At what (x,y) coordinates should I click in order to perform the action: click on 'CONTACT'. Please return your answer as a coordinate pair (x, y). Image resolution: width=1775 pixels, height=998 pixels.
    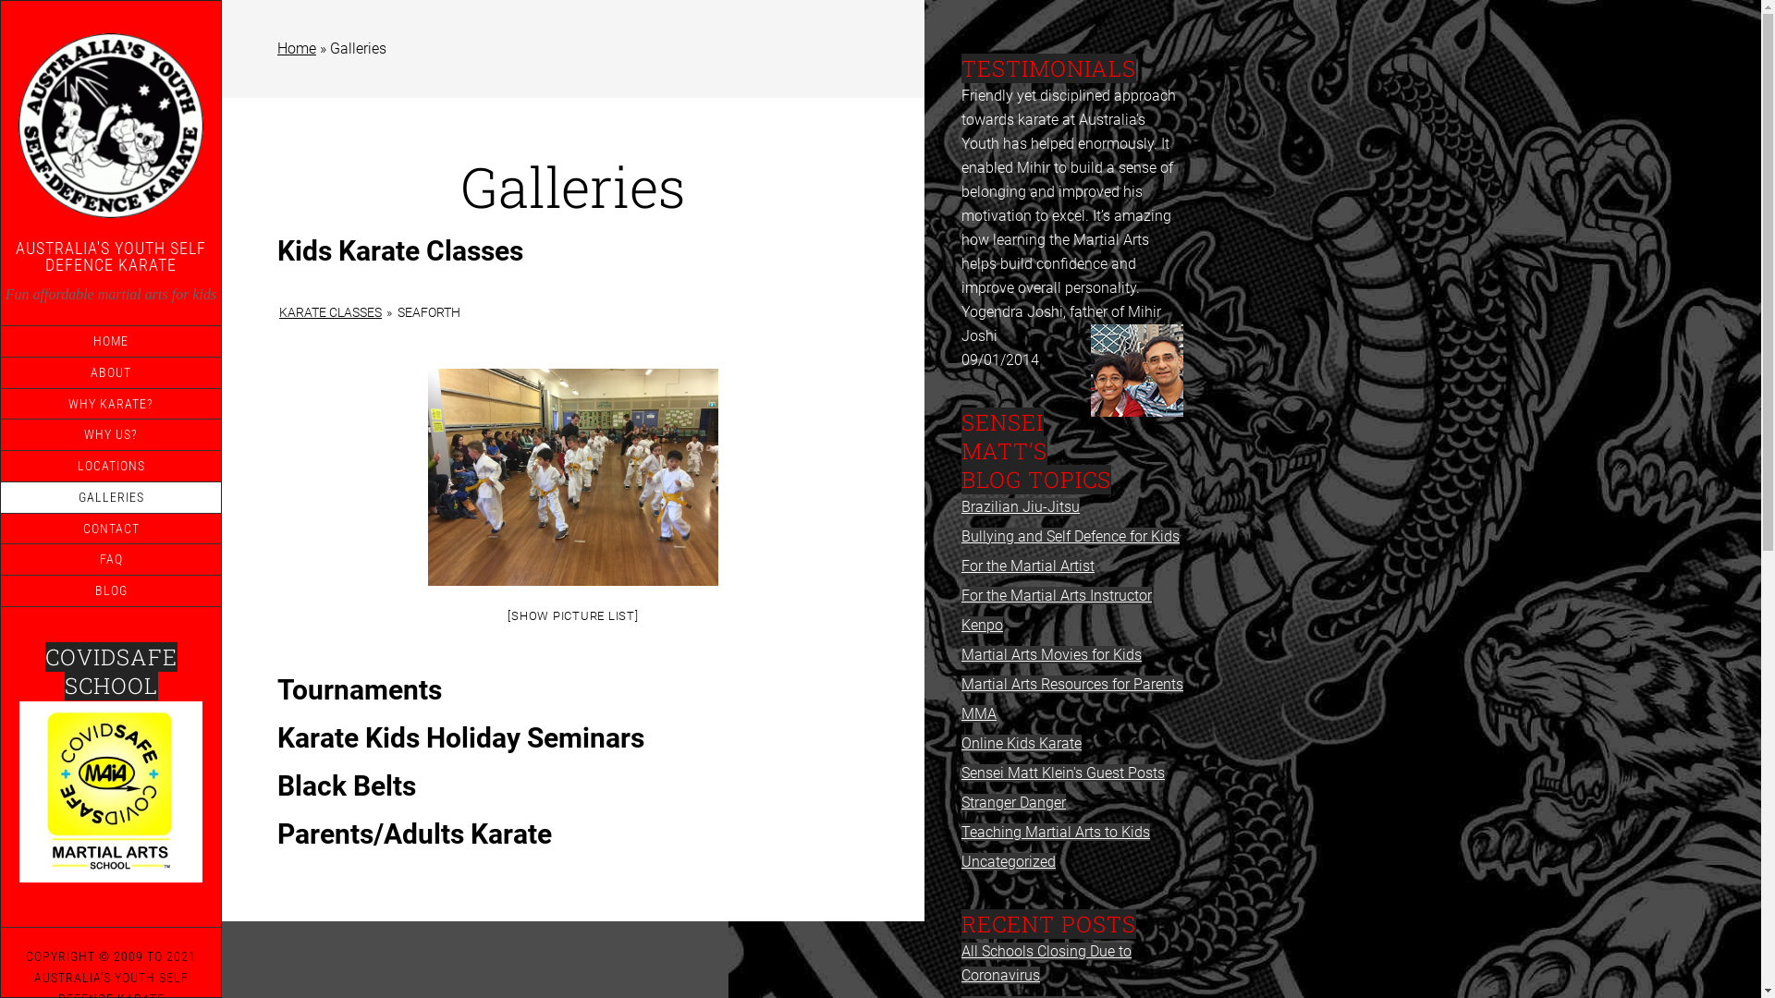
    Looking at the image, I should click on (110, 529).